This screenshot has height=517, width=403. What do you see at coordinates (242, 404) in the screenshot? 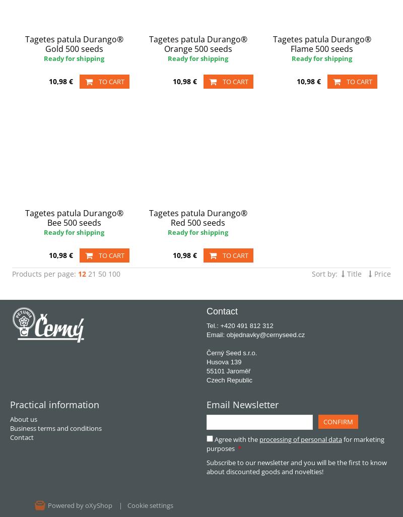
I see `'Email Newsletter'` at bounding box center [242, 404].